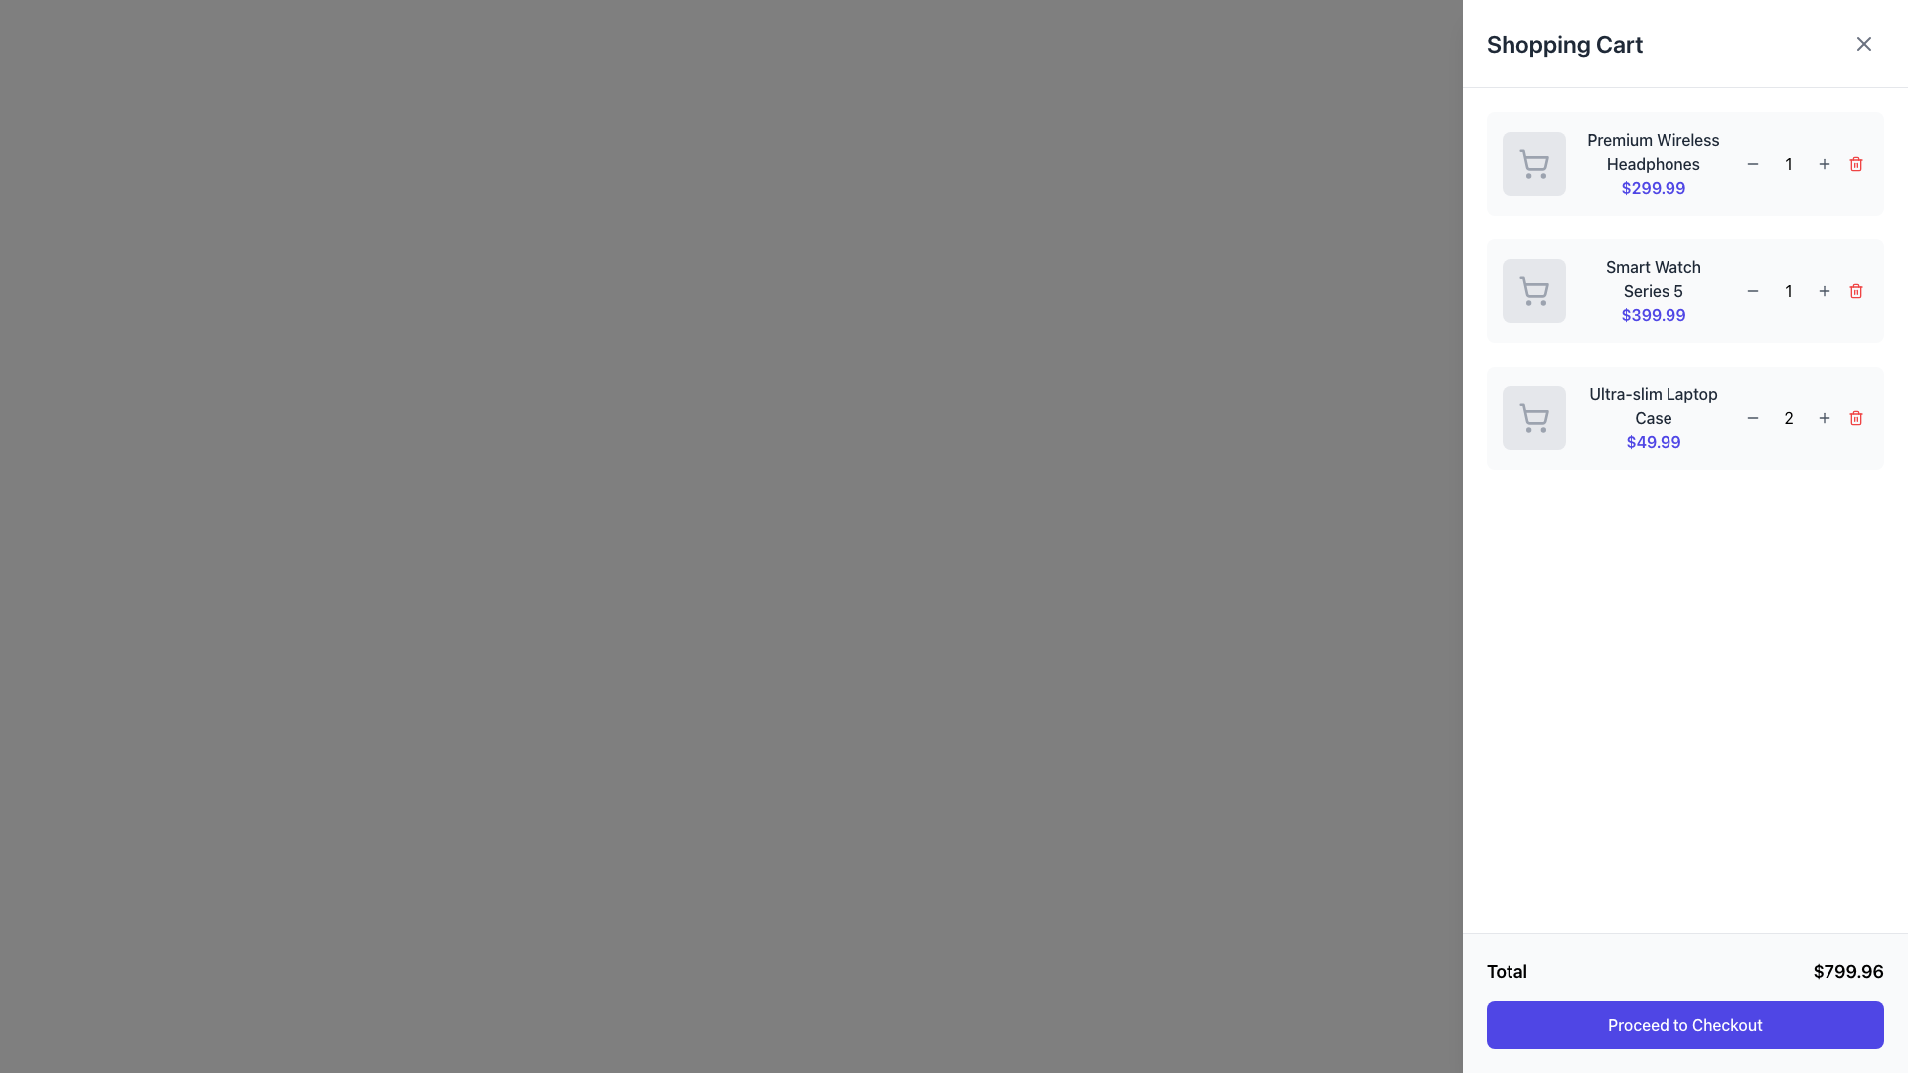 This screenshot has height=1073, width=1908. What do you see at coordinates (1683, 291) in the screenshot?
I see `the minus button on the shopping cart item 'Smart Watch Series 5' to decrease its quantity` at bounding box center [1683, 291].